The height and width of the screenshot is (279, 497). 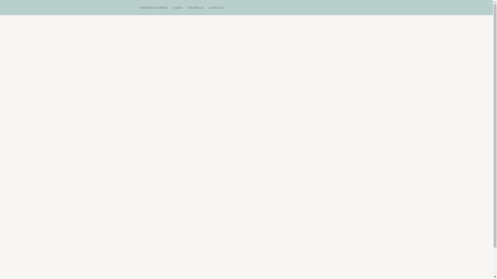 What do you see at coordinates (139, 8) in the screenshot?
I see `'WEDDING STORIES'` at bounding box center [139, 8].